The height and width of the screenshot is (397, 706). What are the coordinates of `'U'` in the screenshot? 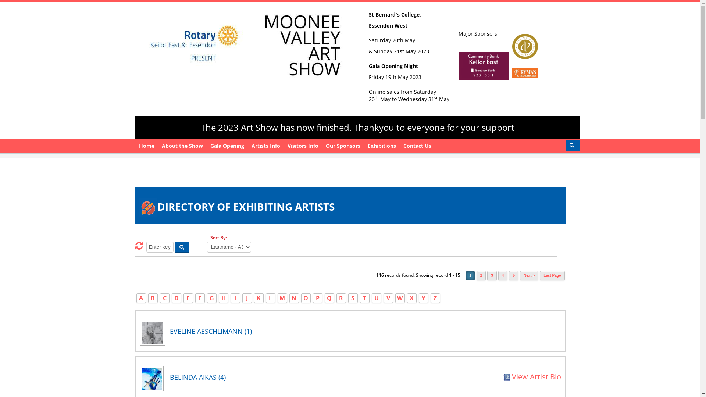 It's located at (374, 298).